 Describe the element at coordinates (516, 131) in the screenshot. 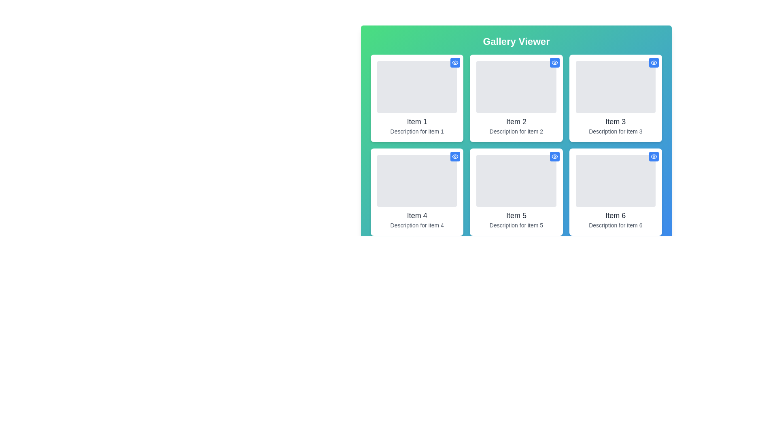

I see `the text label displaying 'Description for item 2', which is styled with a gray font color and located beneath the title 'Item 2' in the second tile` at that location.